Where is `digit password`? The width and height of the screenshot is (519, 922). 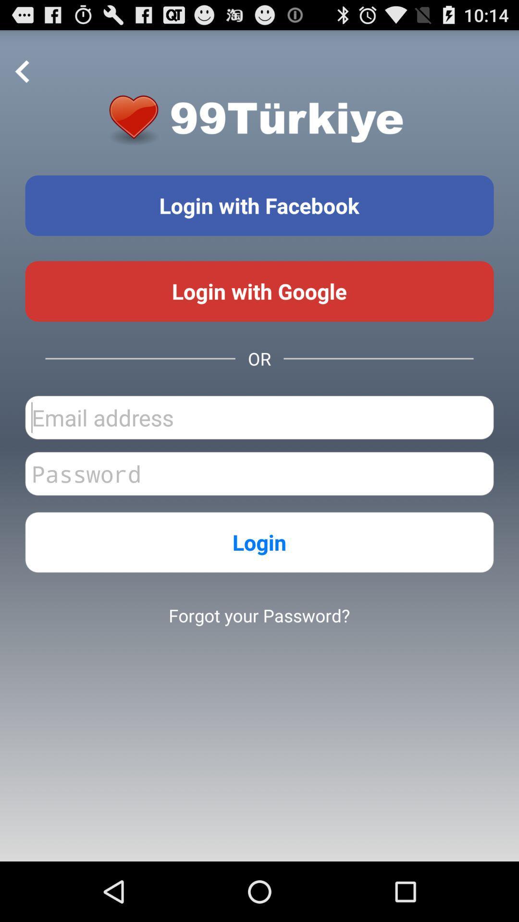
digit password is located at coordinates (259, 473).